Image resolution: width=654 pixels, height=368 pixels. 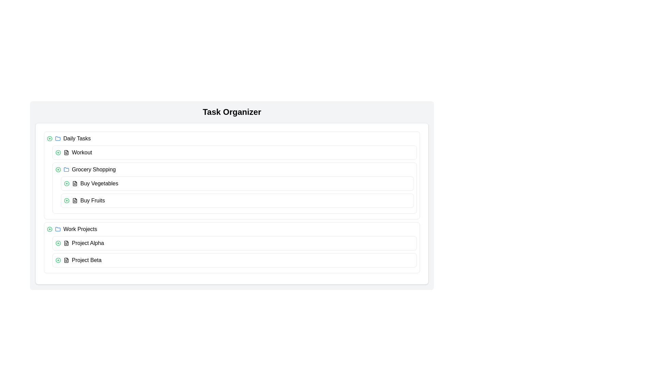 What do you see at coordinates (237, 200) in the screenshot?
I see `the 'Buy Fruits' task item in the 'Grocery Shopping' subsection of the 'Task Organizer'` at bounding box center [237, 200].